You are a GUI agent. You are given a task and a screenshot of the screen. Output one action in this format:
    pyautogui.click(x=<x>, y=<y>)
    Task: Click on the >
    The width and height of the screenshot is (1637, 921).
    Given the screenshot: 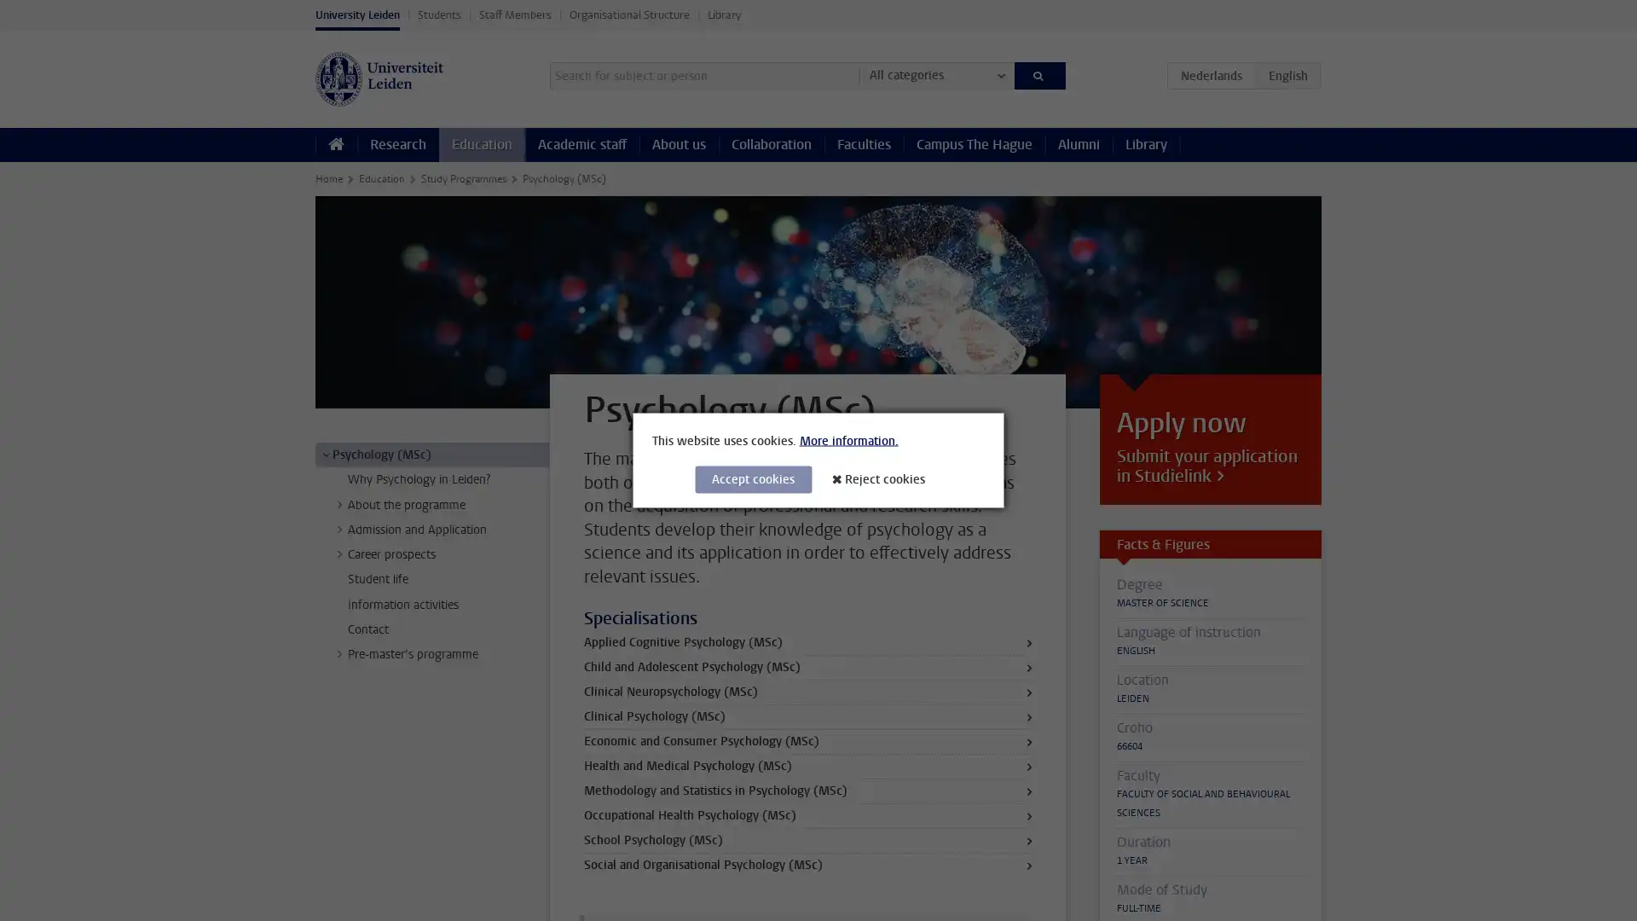 What is the action you would take?
    pyautogui.click(x=339, y=554)
    